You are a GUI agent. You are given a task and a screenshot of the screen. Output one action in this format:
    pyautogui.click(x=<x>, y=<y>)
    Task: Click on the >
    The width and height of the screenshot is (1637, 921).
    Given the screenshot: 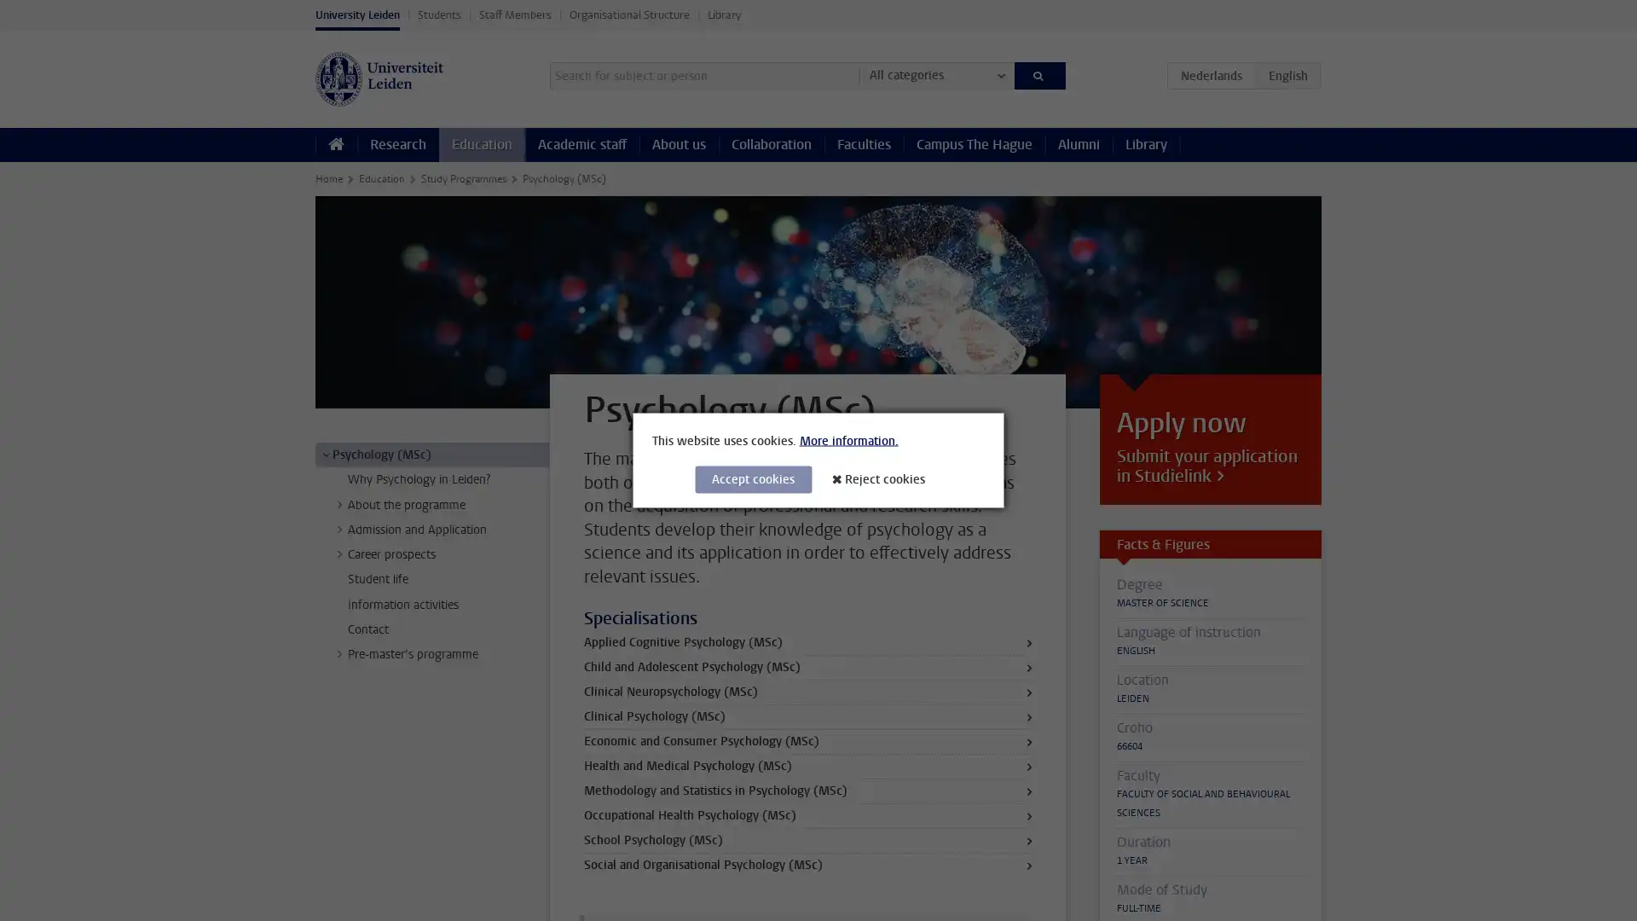 What is the action you would take?
    pyautogui.click(x=339, y=554)
    